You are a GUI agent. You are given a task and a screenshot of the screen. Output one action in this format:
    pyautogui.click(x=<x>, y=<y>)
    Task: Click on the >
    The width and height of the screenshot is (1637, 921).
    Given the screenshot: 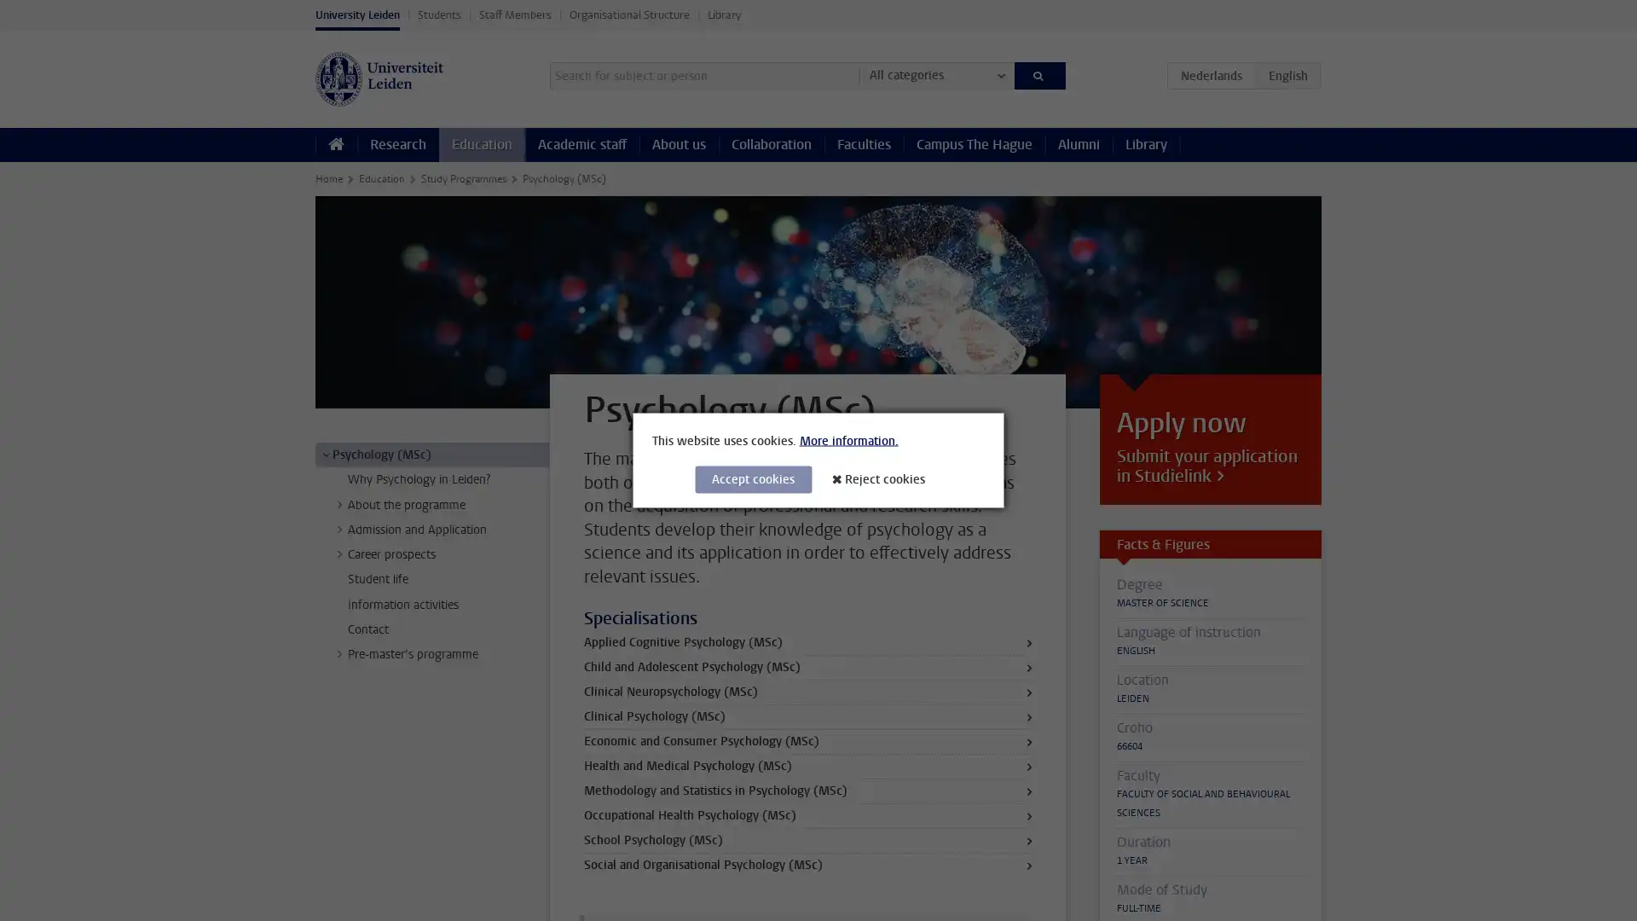 What is the action you would take?
    pyautogui.click(x=339, y=554)
    